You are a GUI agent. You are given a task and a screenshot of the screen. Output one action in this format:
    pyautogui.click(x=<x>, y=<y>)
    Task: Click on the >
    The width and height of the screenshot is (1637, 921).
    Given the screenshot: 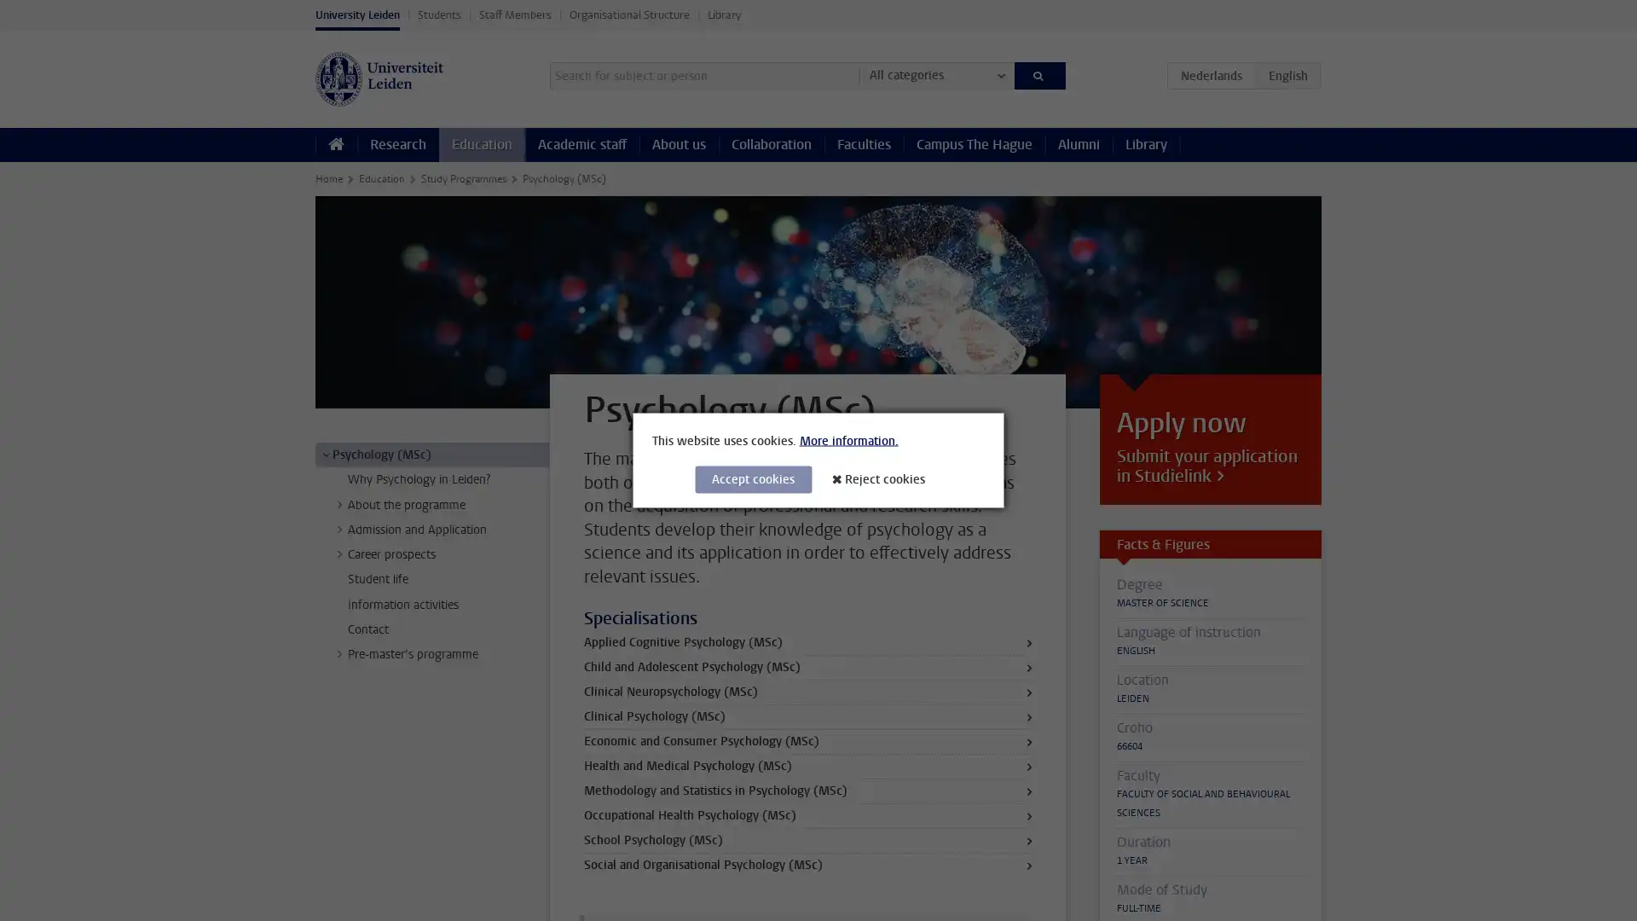 What is the action you would take?
    pyautogui.click(x=339, y=554)
    